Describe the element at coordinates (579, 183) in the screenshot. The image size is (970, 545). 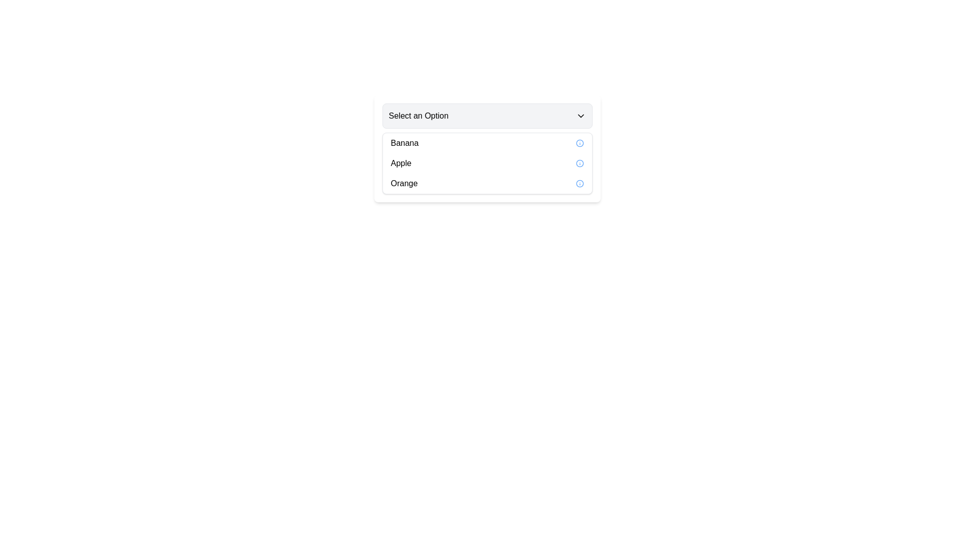
I see `the informational tooltip icon located to the right of the 'Orange' option in the dropdown menu` at that location.